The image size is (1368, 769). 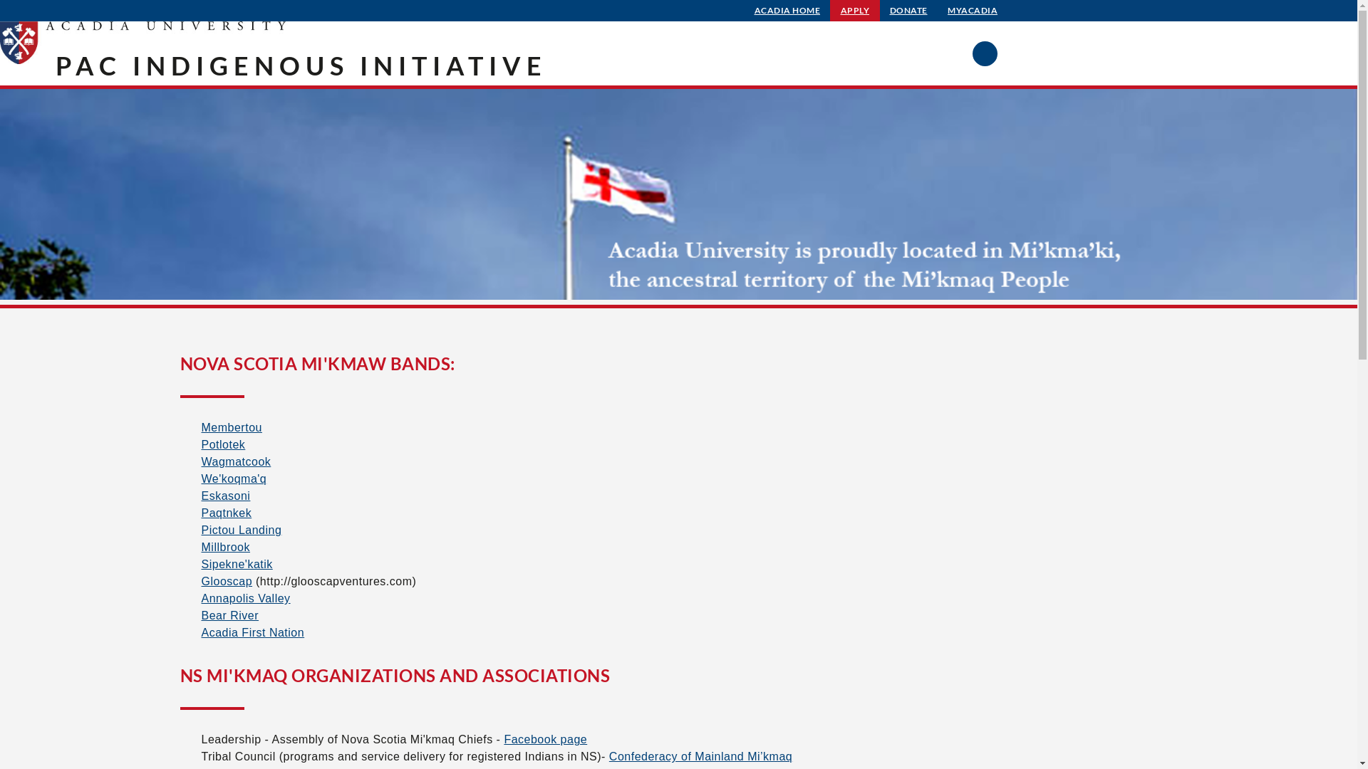 What do you see at coordinates (231, 427) in the screenshot?
I see `'Membertou'` at bounding box center [231, 427].